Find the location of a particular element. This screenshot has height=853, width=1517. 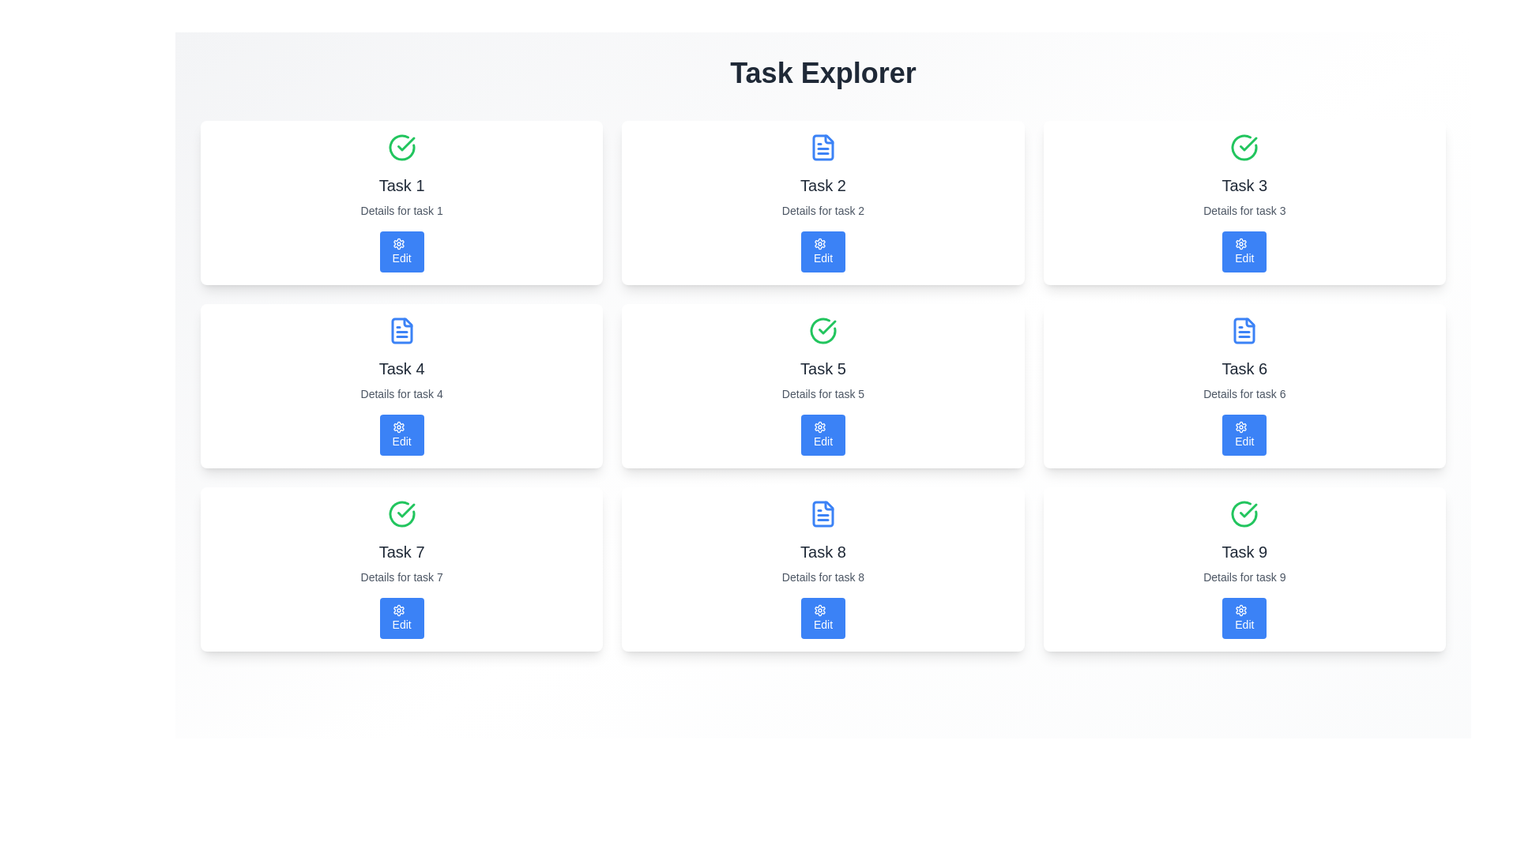

the 'Edit' button with a blue background and gear icon located at the center-bottom of the 'Task 4' card to initiate editing is located at coordinates (401, 435).